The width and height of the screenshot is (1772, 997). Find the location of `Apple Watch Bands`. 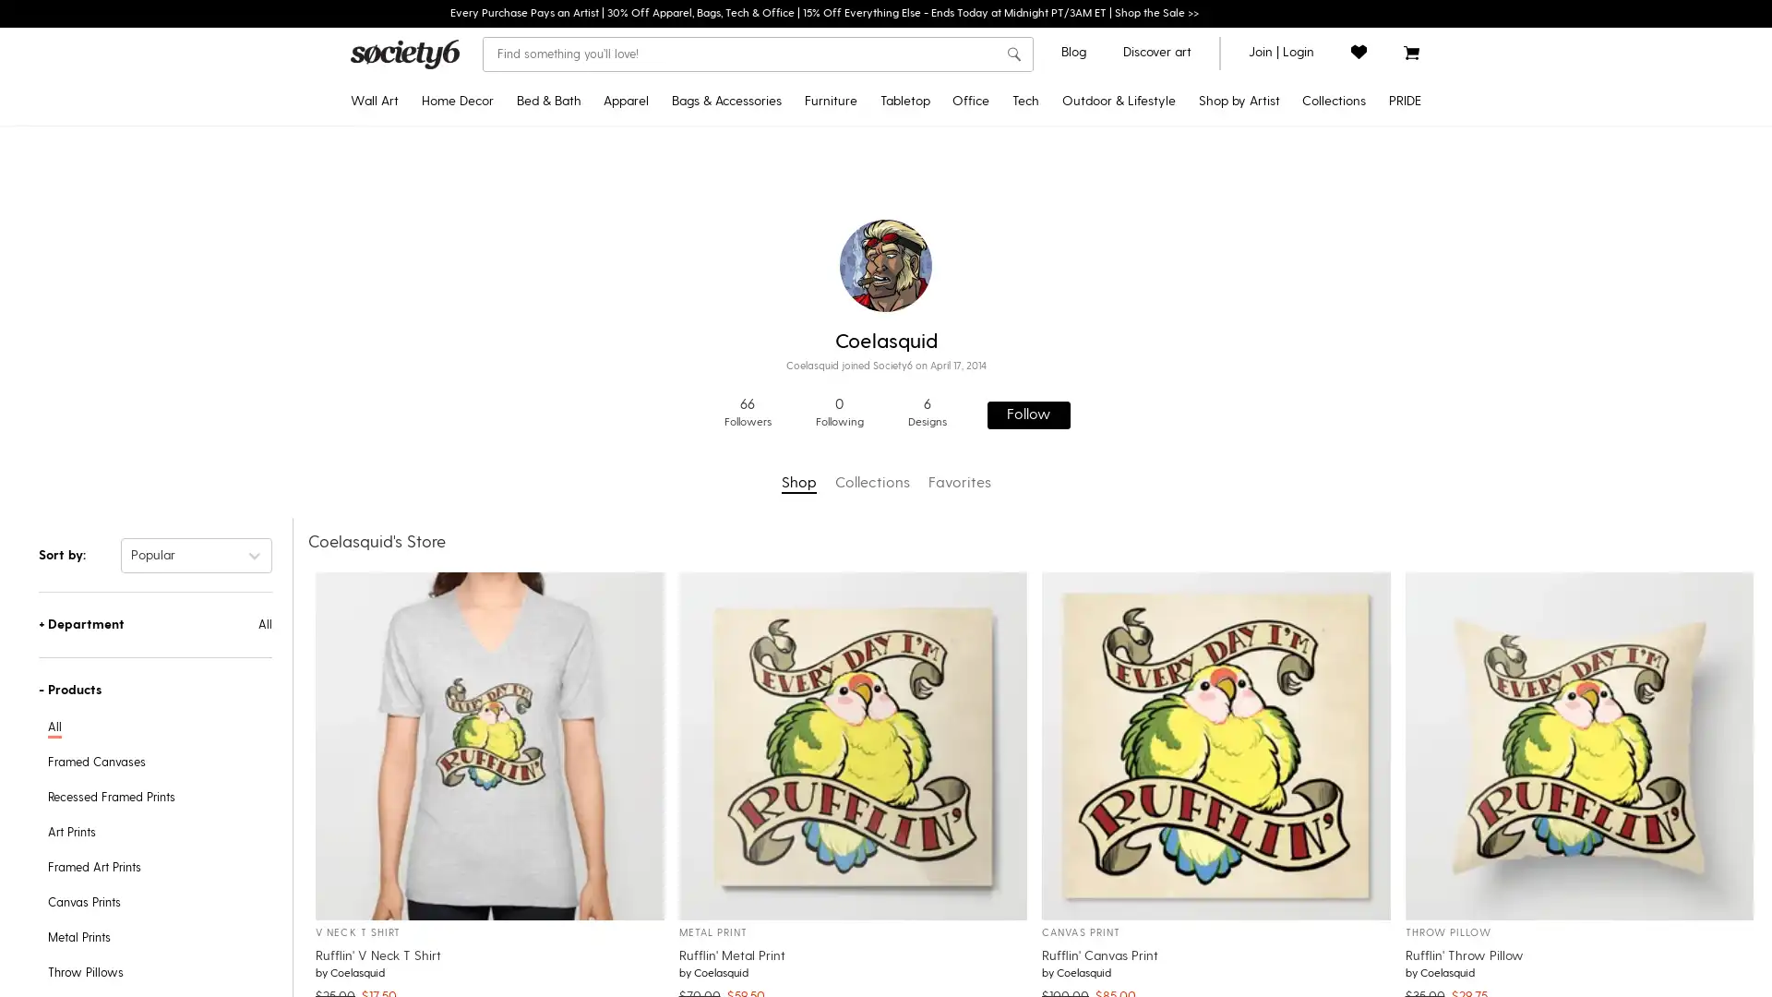

Apple Watch Bands is located at coordinates (1091, 355).